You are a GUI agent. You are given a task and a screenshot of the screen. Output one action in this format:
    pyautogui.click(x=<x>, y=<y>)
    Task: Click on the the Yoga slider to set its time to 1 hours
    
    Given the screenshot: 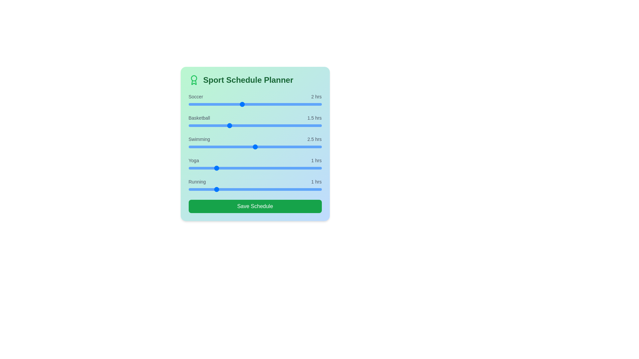 What is the action you would take?
    pyautogui.click(x=215, y=168)
    